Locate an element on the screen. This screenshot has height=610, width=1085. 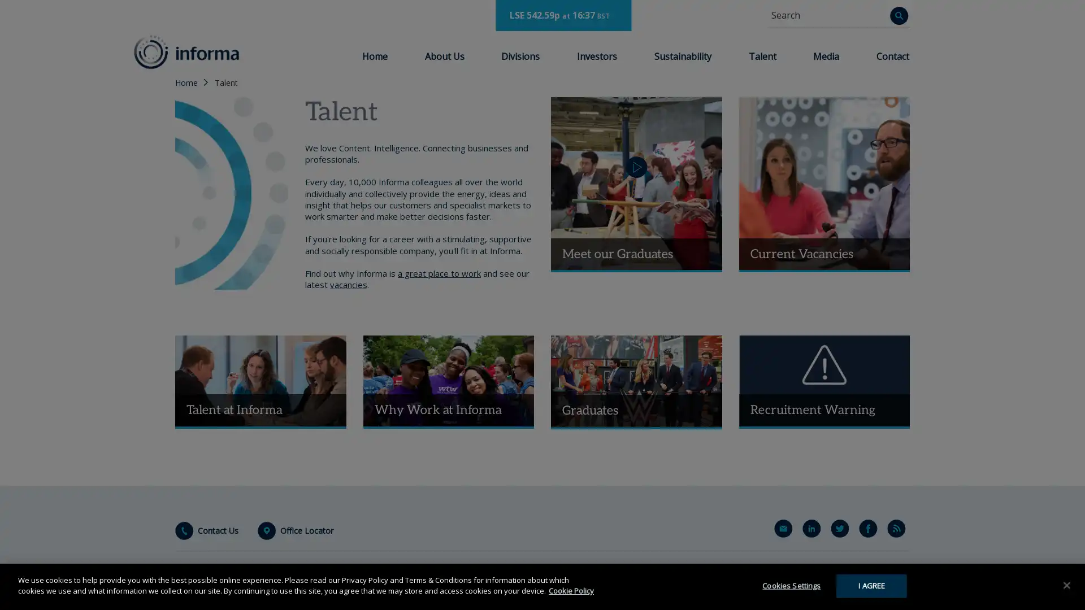
I AGREE is located at coordinates (871, 585).